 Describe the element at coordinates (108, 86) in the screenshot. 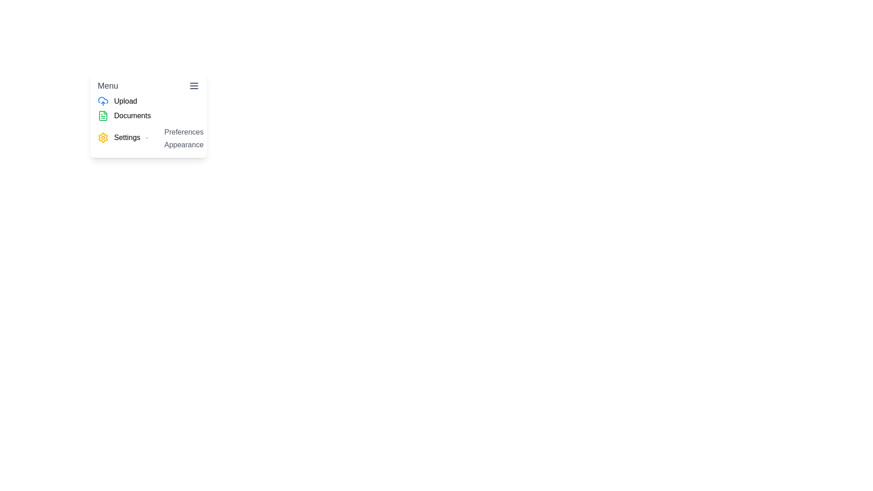

I see `the text label displaying 'Menu' located at the top-left corner of the dropdown interface` at that location.